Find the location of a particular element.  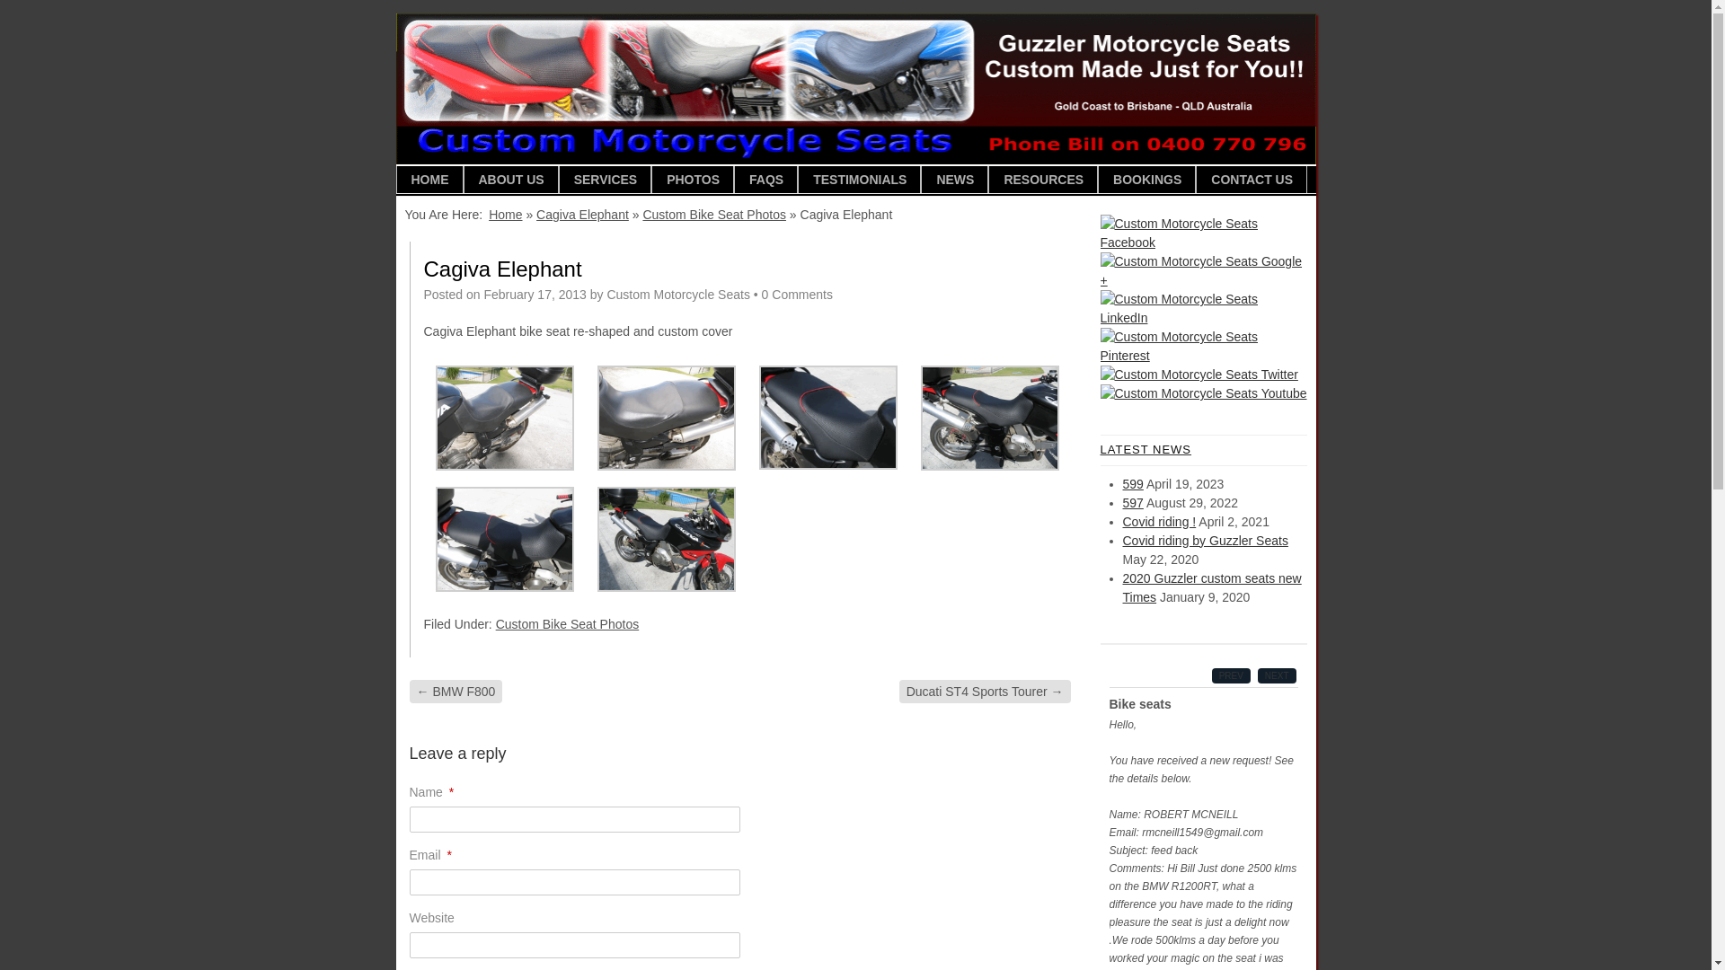

'2020 Guzzler custom seats new Times' is located at coordinates (1121, 587).